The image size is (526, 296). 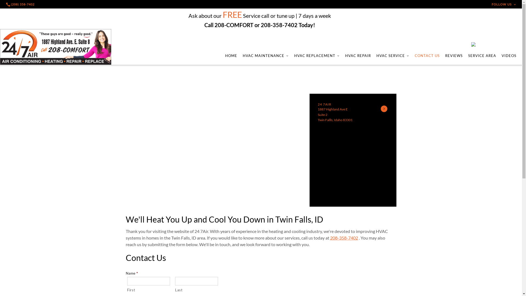 I want to click on 'REVIEWS', so click(x=454, y=56).